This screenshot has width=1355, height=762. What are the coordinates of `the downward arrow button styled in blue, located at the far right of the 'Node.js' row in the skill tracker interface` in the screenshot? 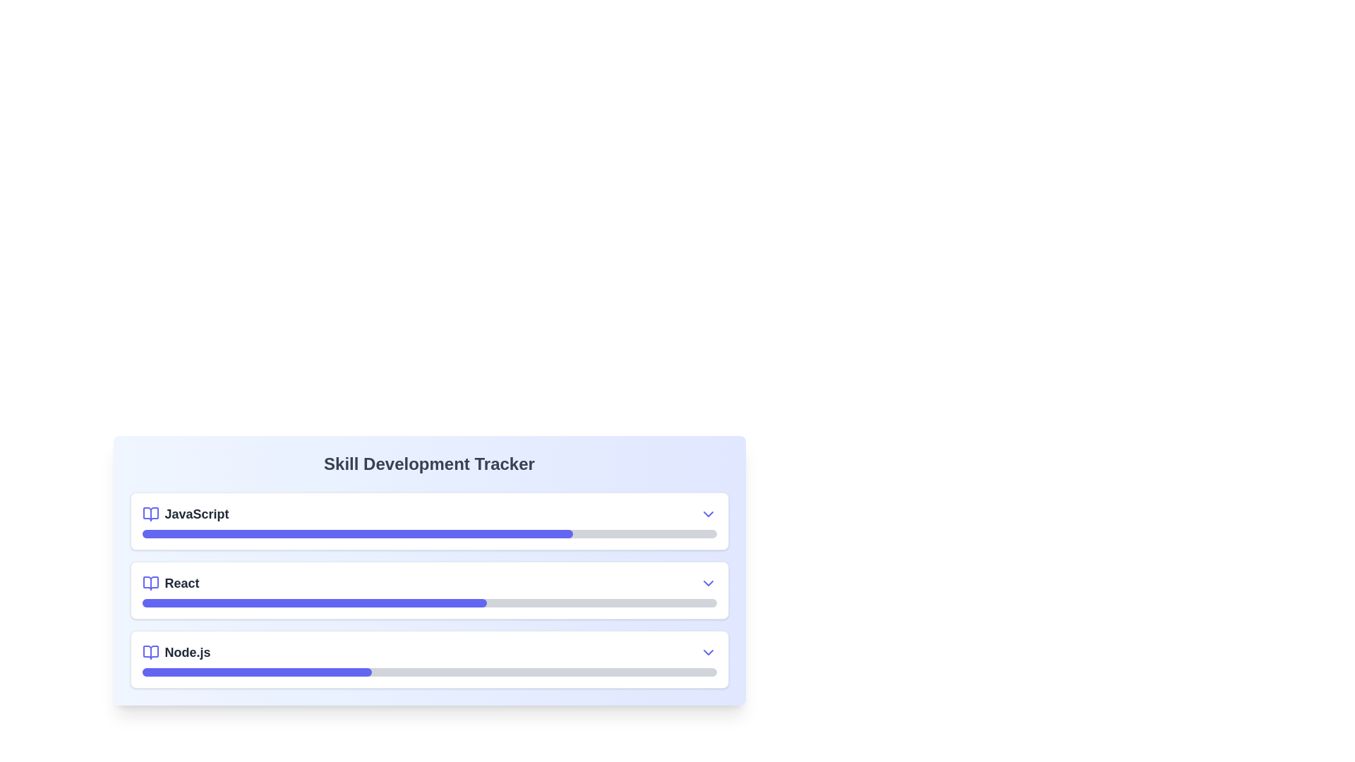 It's located at (708, 653).